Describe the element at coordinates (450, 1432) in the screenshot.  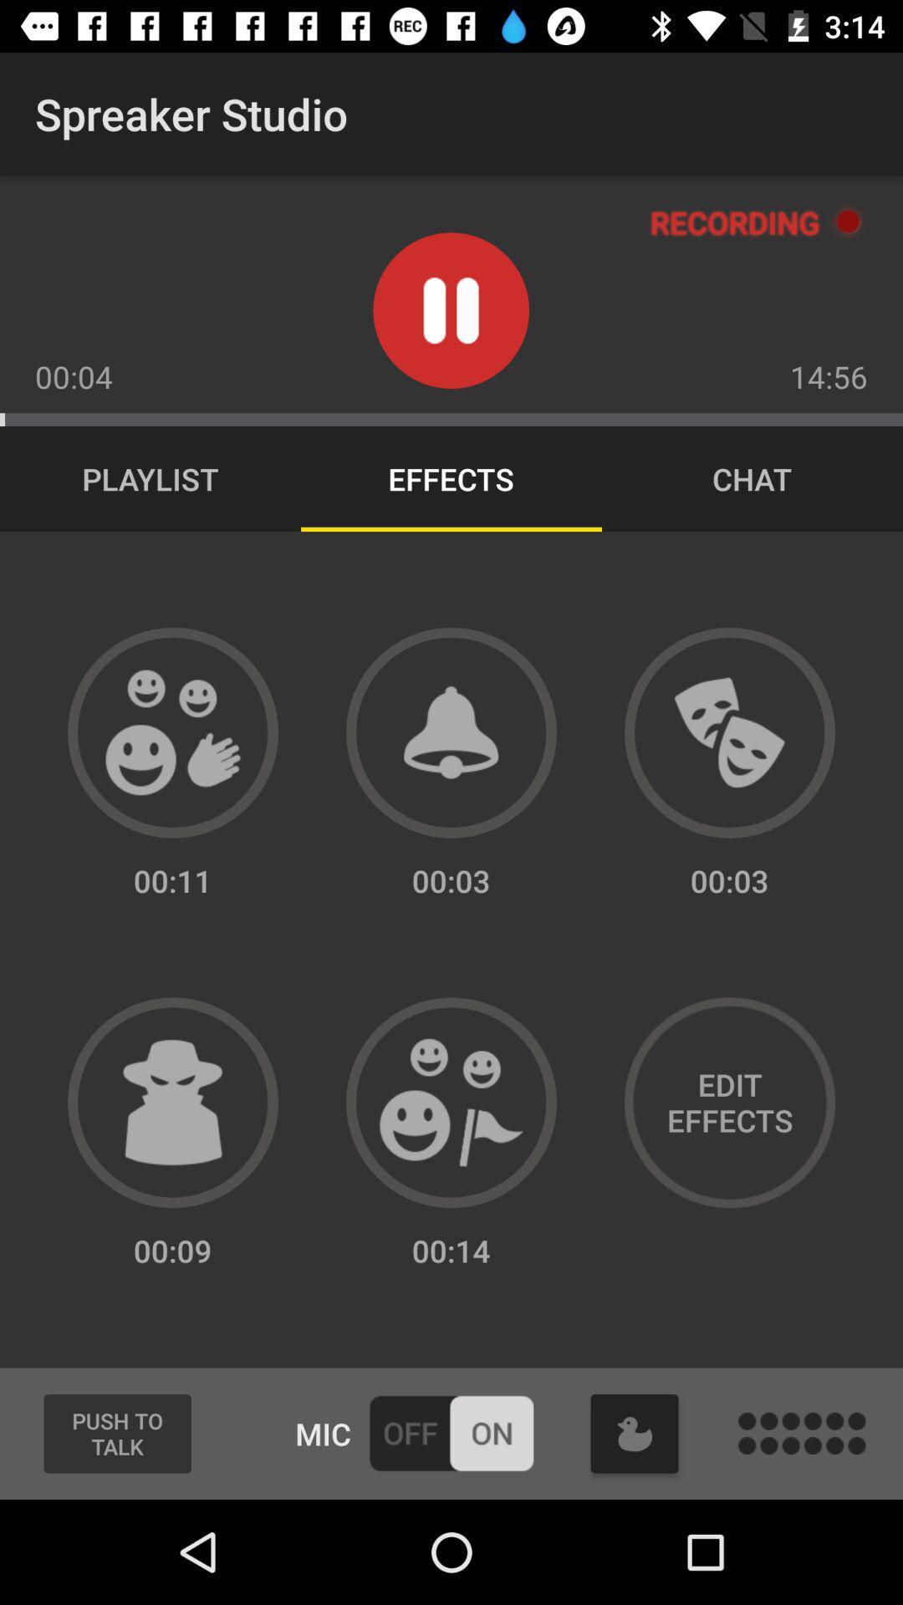
I see `microphone on and off` at that location.